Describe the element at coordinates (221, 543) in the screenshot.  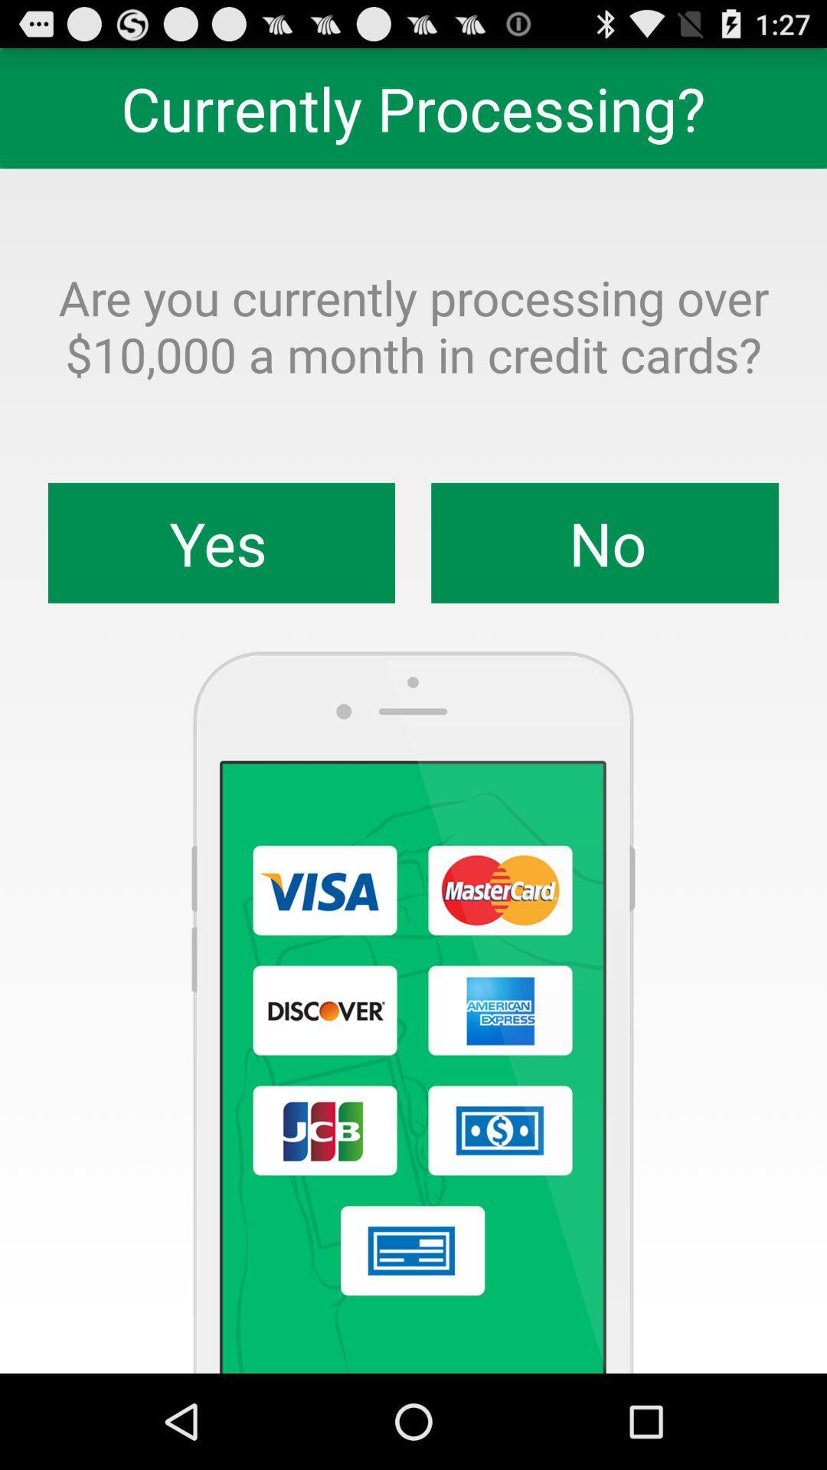
I see `the icon next to the no item` at that location.